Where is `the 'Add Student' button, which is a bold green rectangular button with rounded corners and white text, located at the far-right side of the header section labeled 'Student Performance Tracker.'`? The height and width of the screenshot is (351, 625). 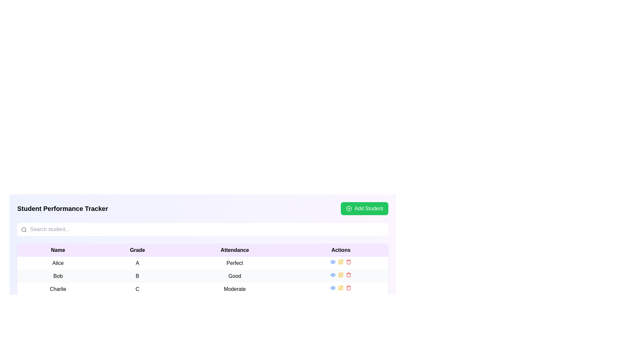 the 'Add Student' button, which is a bold green rectangular button with rounded corners and white text, located at the far-right side of the header section labeled 'Student Performance Tracker.' is located at coordinates (364, 208).